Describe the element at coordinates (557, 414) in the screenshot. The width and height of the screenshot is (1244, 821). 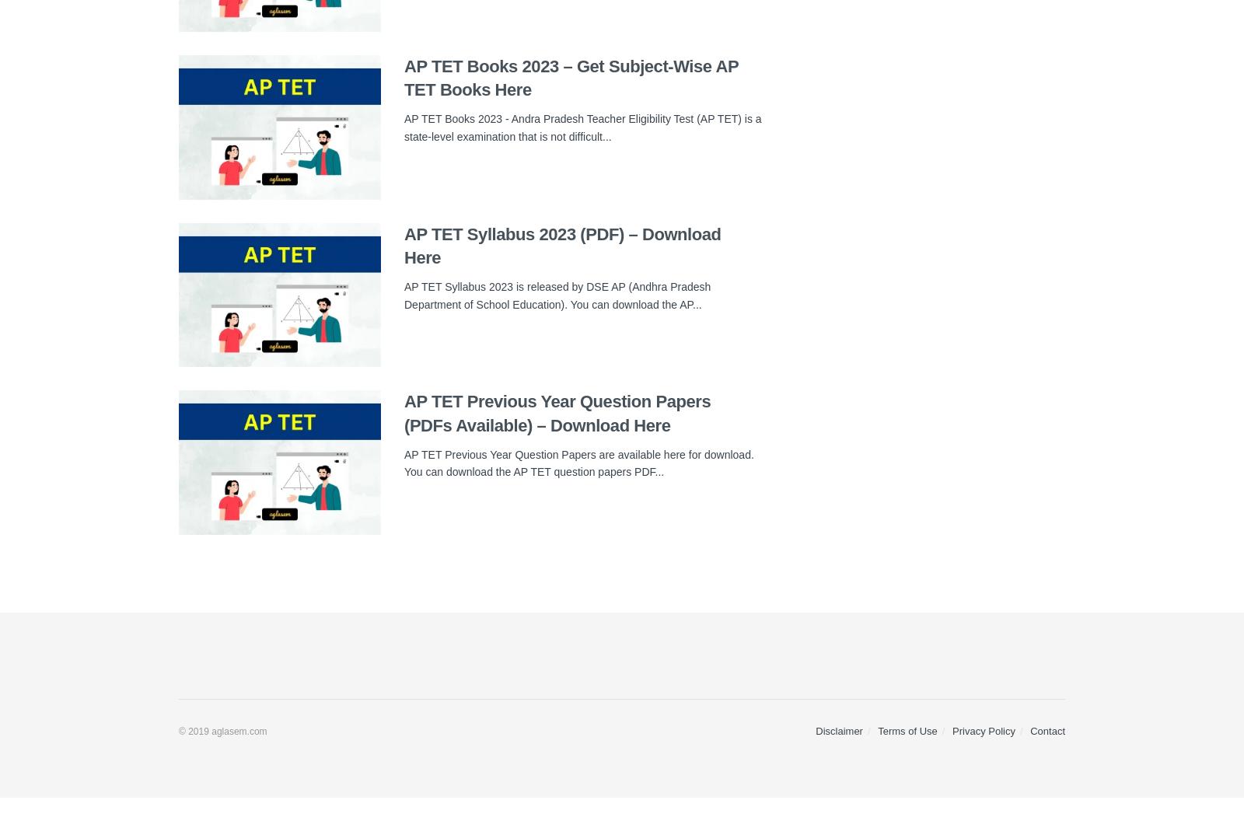
I see `'AP TET Previous Year Question Papers (PDFs Available) – Download Here'` at that location.